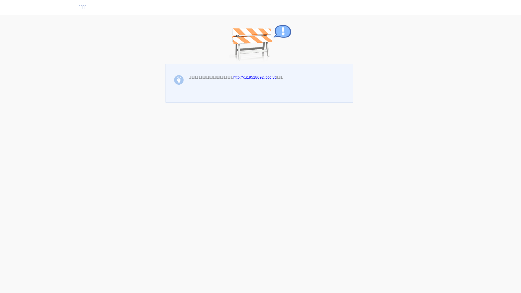 The image size is (521, 293). Describe the element at coordinates (233, 77) in the screenshot. I see `'http://xu19518692.icoc.vc'` at that location.